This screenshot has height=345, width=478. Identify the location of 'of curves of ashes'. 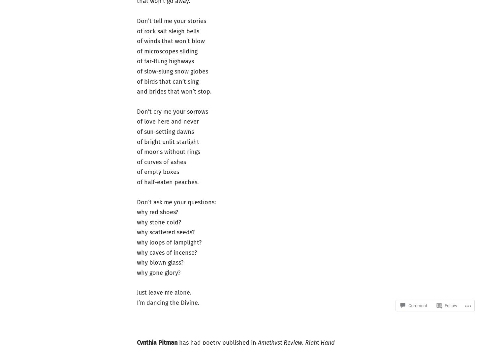
(161, 161).